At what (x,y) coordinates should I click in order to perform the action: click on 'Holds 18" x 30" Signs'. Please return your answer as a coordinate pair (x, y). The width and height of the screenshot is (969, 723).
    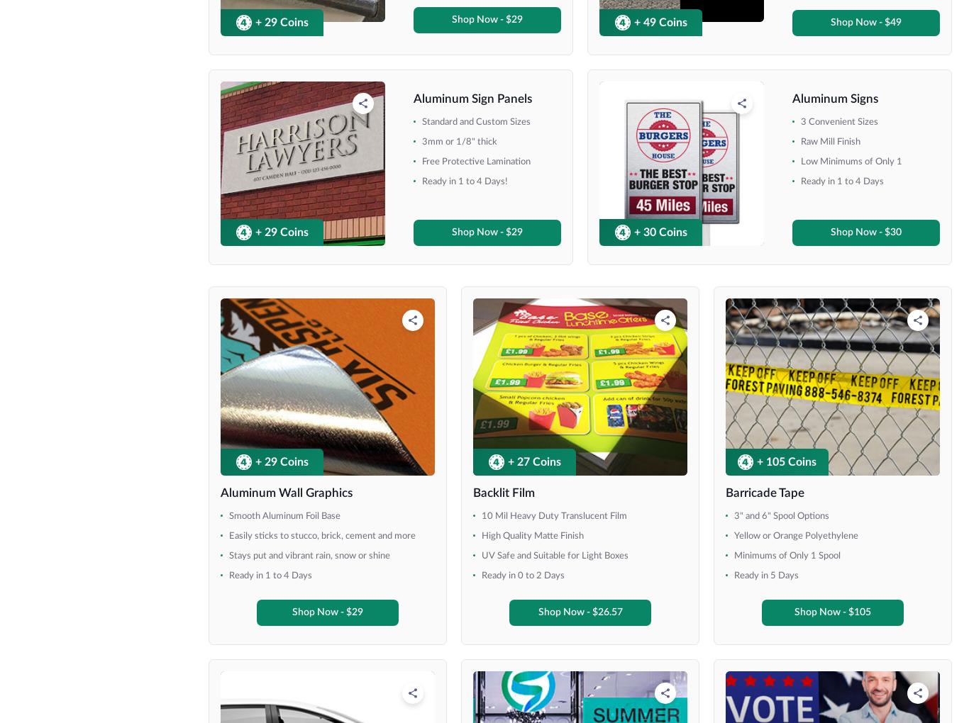
    Looking at the image, I should click on (733, 79).